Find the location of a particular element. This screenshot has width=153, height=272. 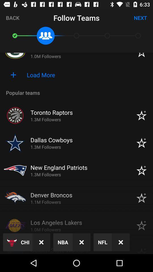

the close icon is located at coordinates (41, 242).